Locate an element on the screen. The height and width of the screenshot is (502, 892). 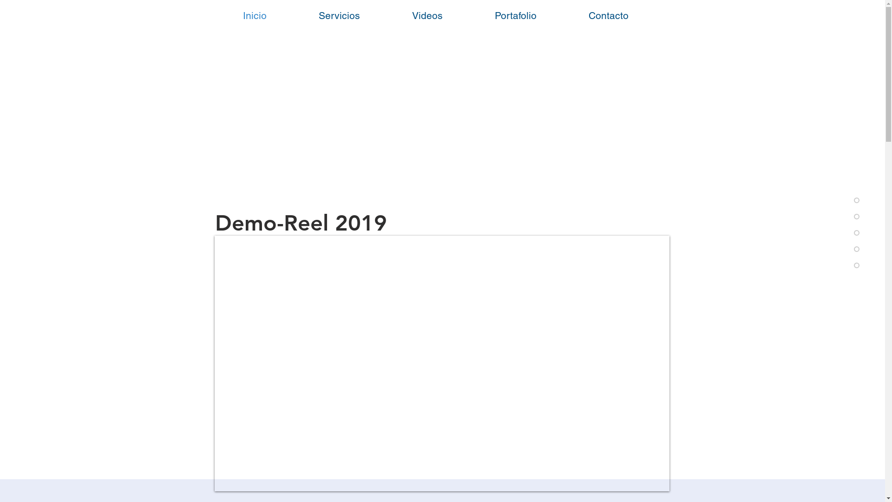
'Inicio' is located at coordinates (254, 15).